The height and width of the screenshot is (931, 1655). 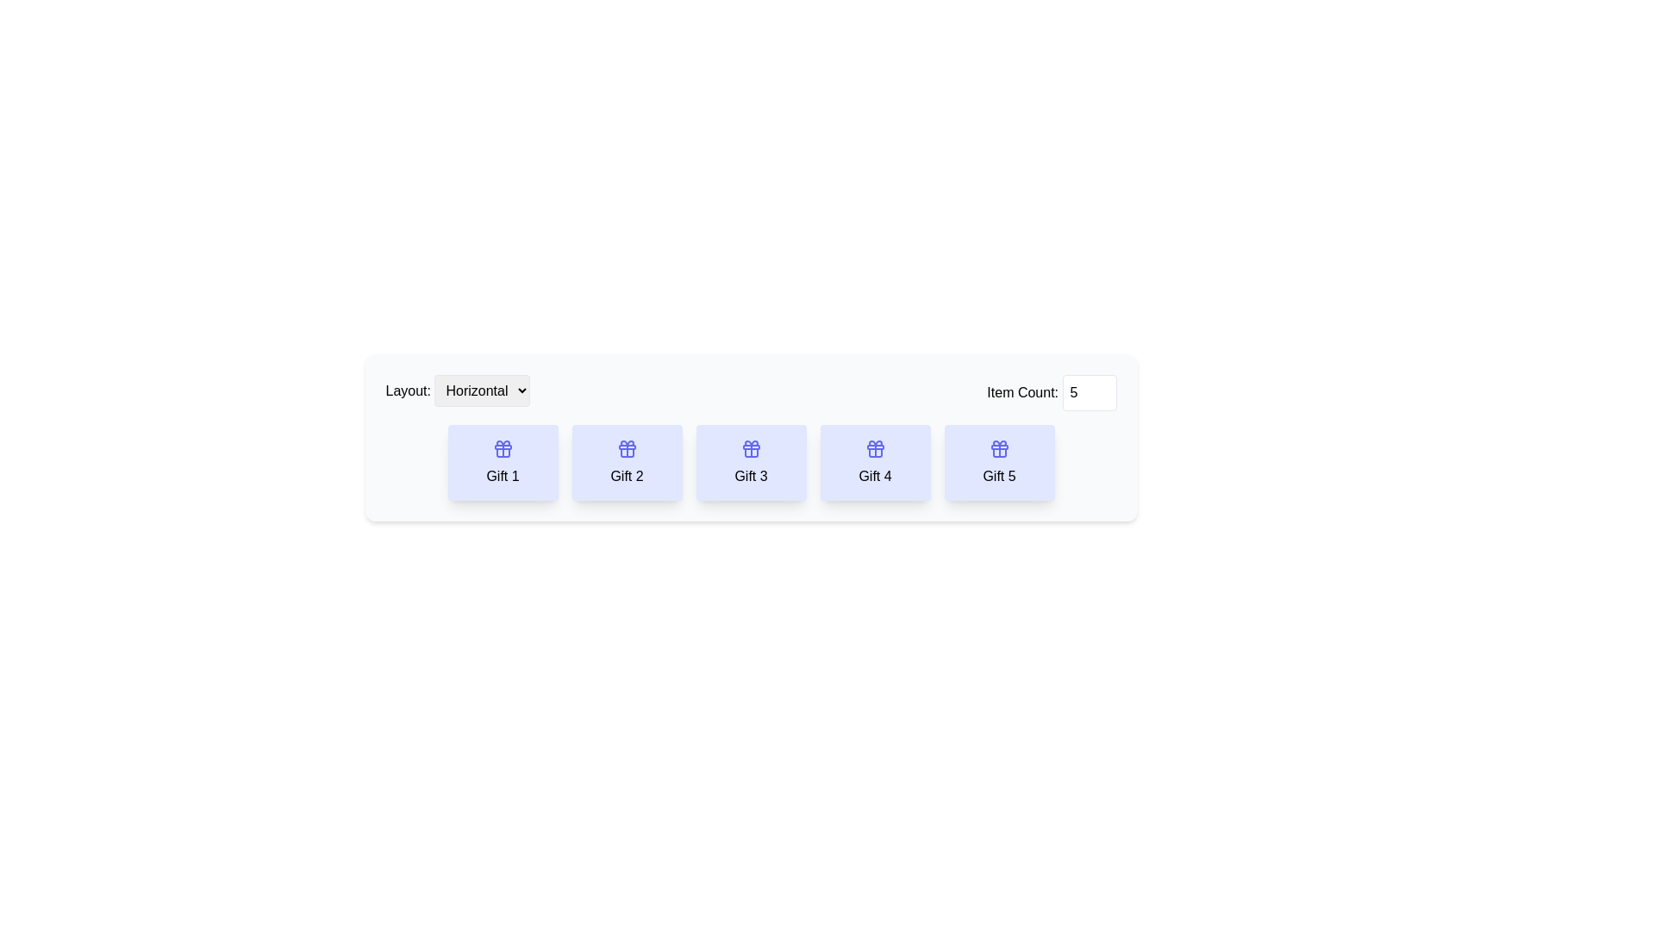 I want to click on the 'Gift 4' Card/Tile, so click(x=875, y=461).